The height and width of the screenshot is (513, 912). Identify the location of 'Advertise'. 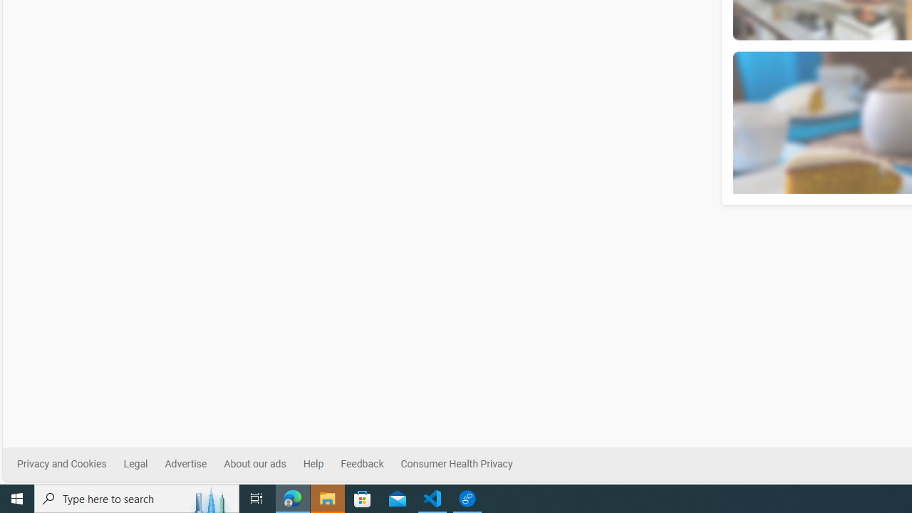
(185, 464).